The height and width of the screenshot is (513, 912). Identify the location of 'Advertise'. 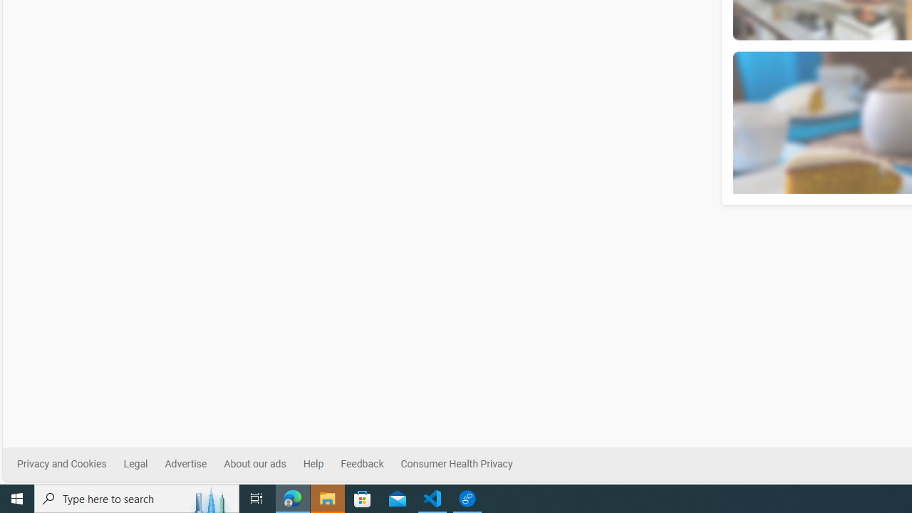
(185, 464).